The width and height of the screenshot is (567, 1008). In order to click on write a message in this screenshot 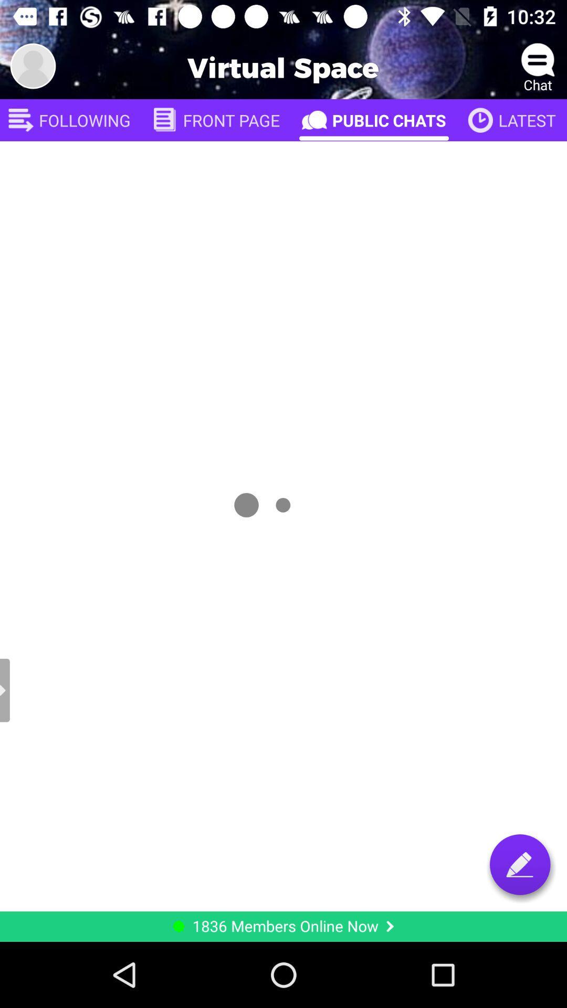, I will do `click(520, 864)`.